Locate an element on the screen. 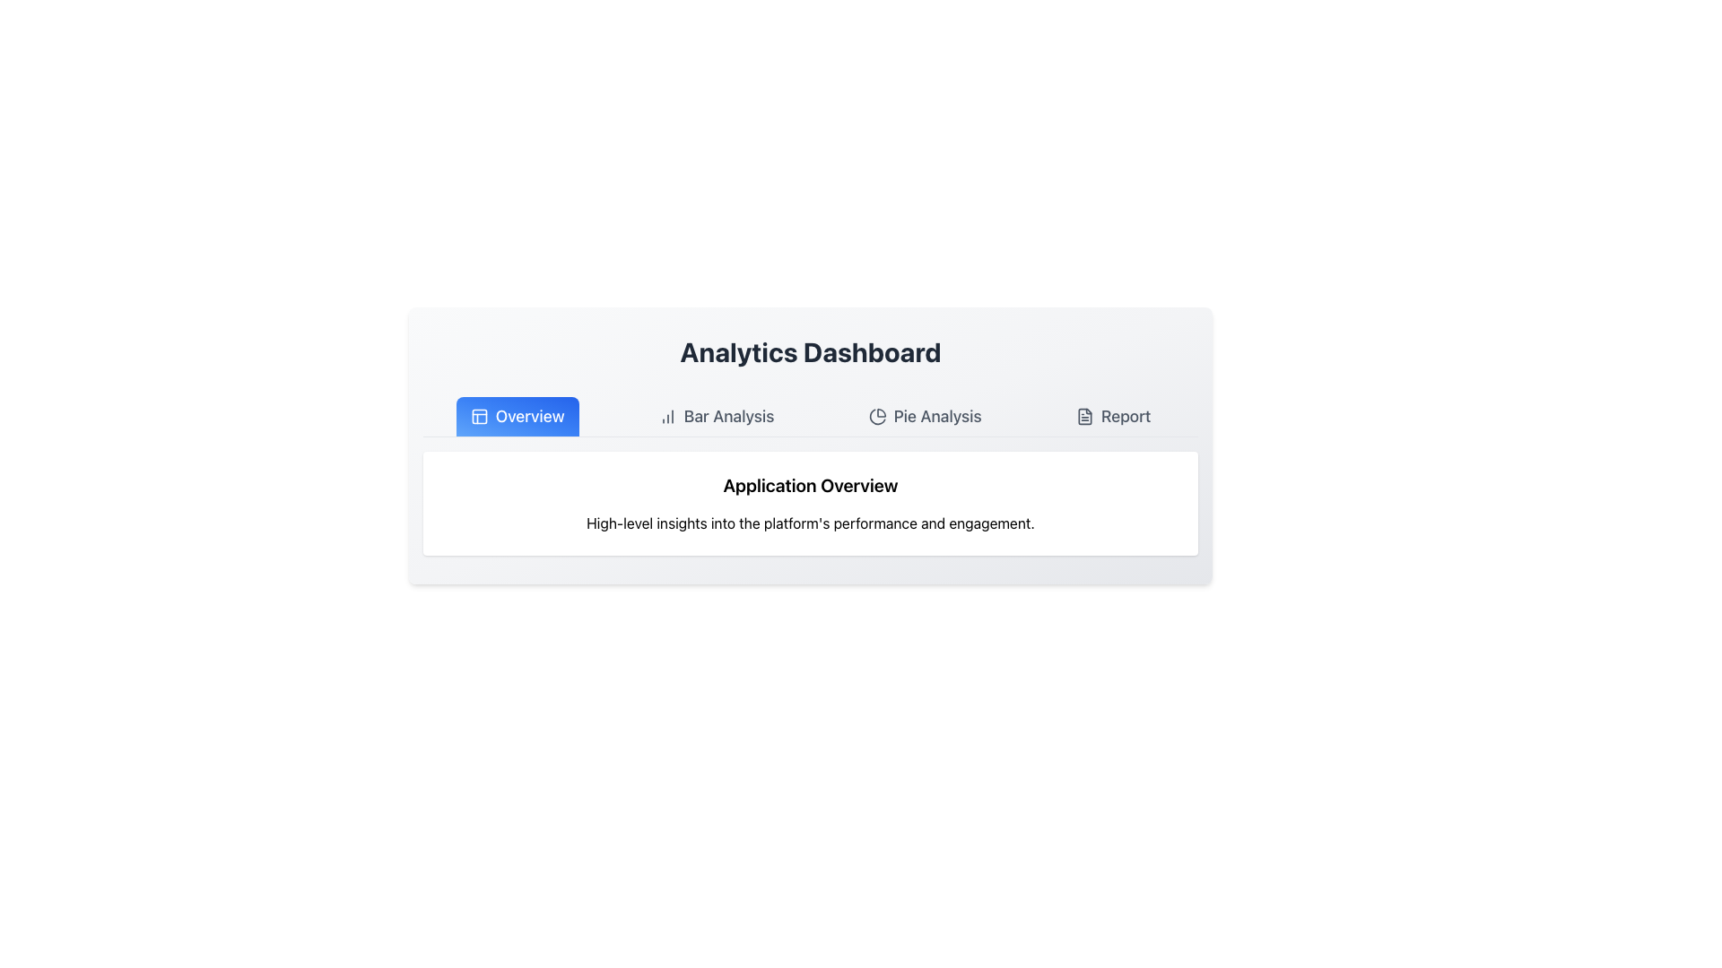  the pie chart icon located to the left of the 'Pie Analysis' text in the navigation bar, which is the third navigation item is located at coordinates (877, 417).